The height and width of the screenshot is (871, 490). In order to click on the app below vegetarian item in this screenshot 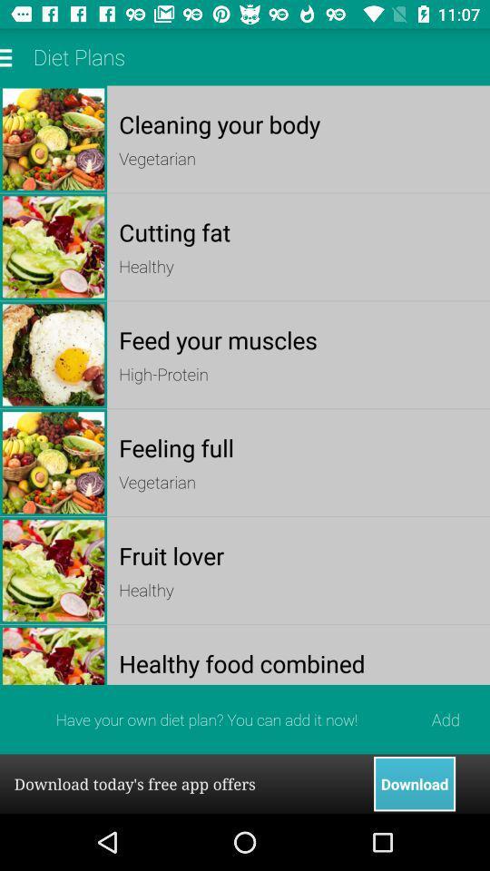, I will do `click(299, 554)`.